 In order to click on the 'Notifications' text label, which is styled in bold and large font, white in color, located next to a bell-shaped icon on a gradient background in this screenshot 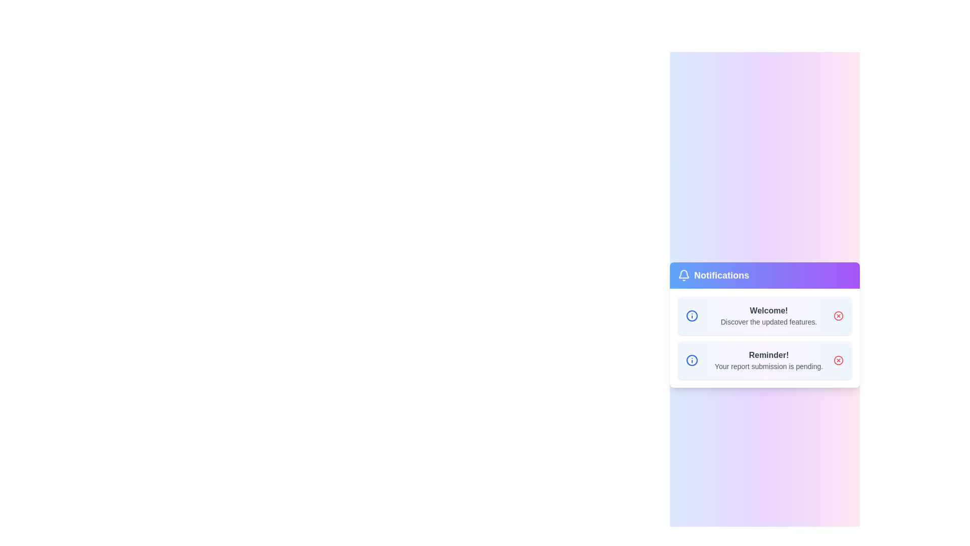, I will do `click(713, 275)`.